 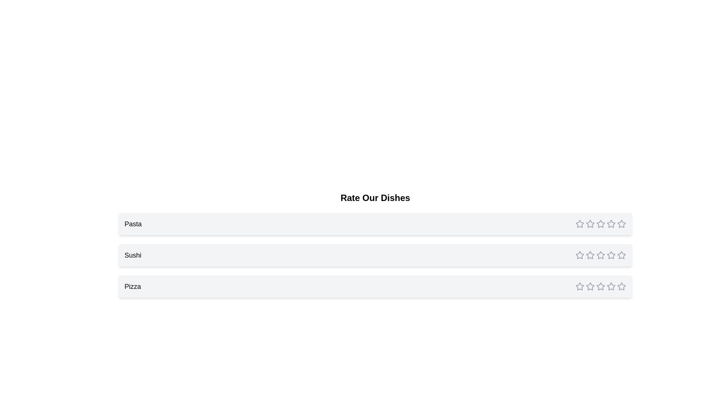 What do you see at coordinates (580, 286) in the screenshot?
I see `the first rating star icon in the 'Pizza' rating row to change its visual state` at bounding box center [580, 286].